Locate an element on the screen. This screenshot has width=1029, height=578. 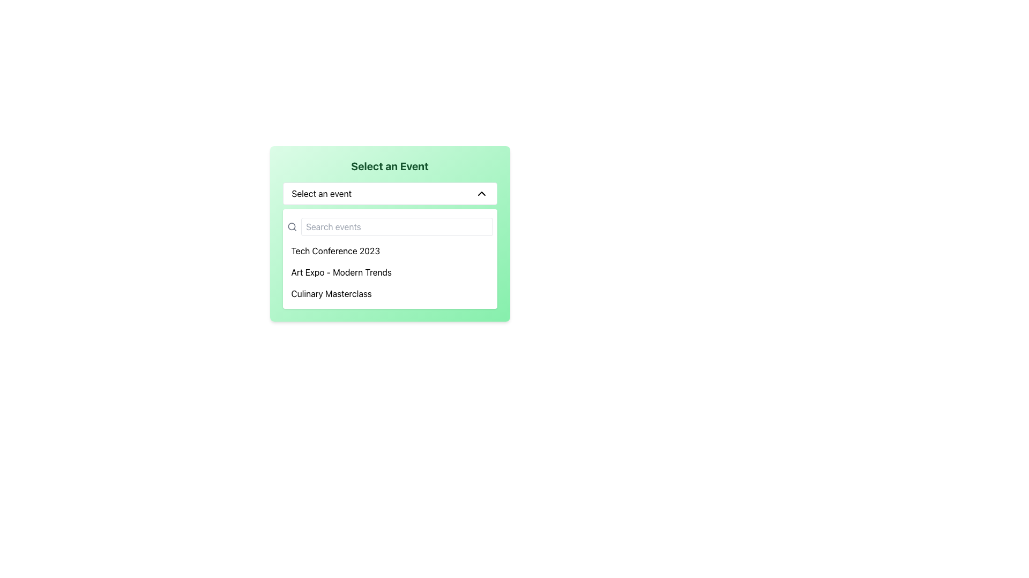
the text label 'Culinary Masterclass' in the dropdown list to potentially reveal additional information is located at coordinates (331, 293).